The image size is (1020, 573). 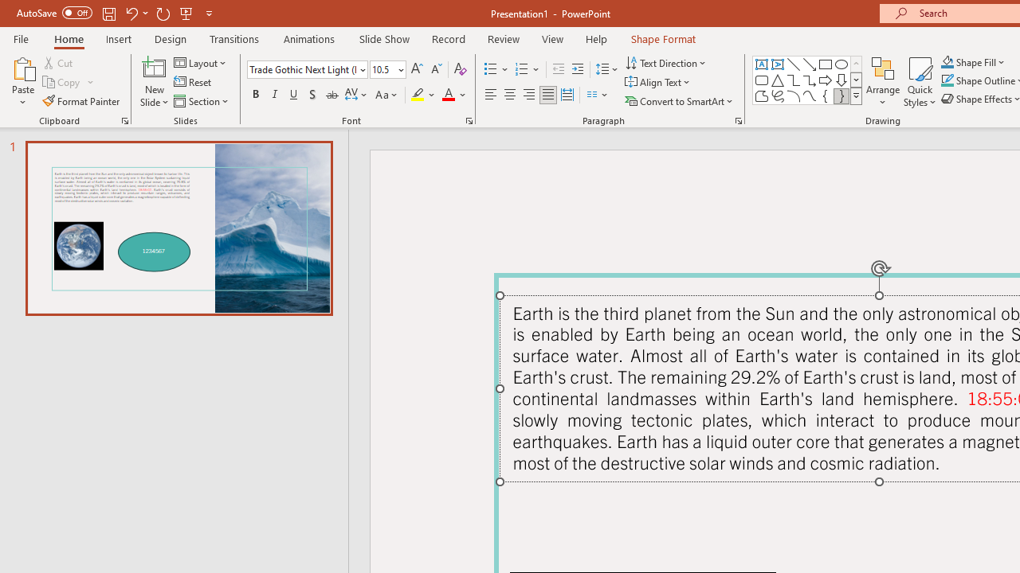 I want to click on 'Increase Indent', so click(x=577, y=68).